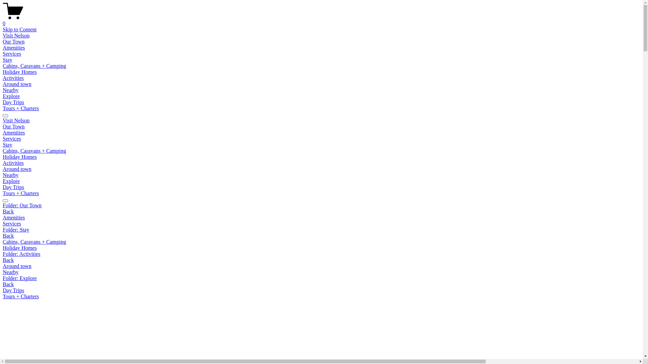  What do you see at coordinates (19, 29) in the screenshot?
I see `'Skip to Content'` at bounding box center [19, 29].